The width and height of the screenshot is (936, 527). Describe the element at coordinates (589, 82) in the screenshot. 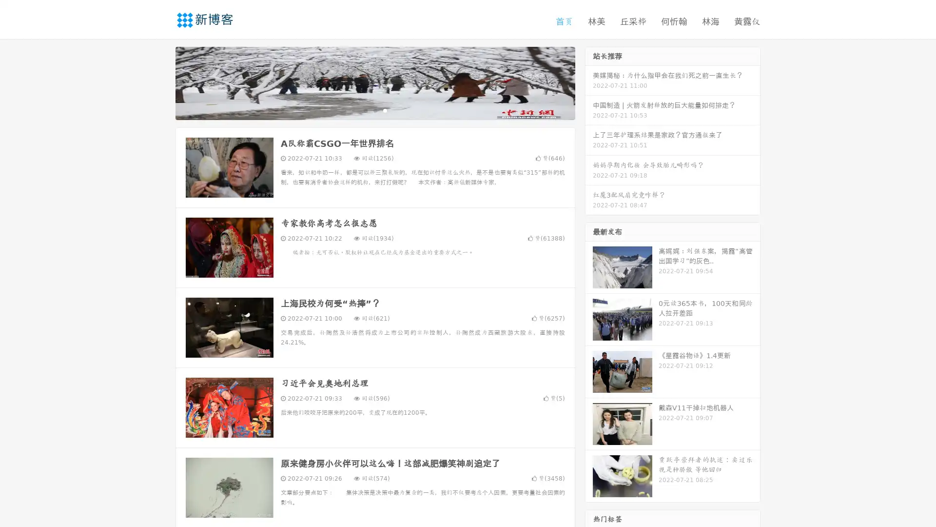

I see `Next slide` at that location.